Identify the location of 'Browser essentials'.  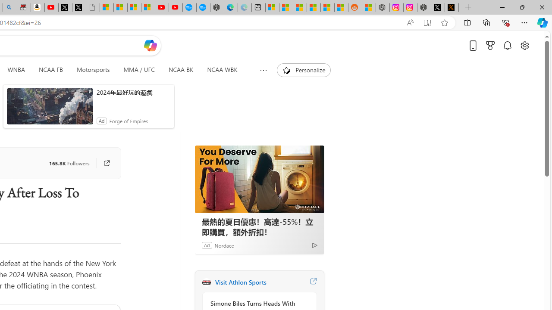
(505, 22).